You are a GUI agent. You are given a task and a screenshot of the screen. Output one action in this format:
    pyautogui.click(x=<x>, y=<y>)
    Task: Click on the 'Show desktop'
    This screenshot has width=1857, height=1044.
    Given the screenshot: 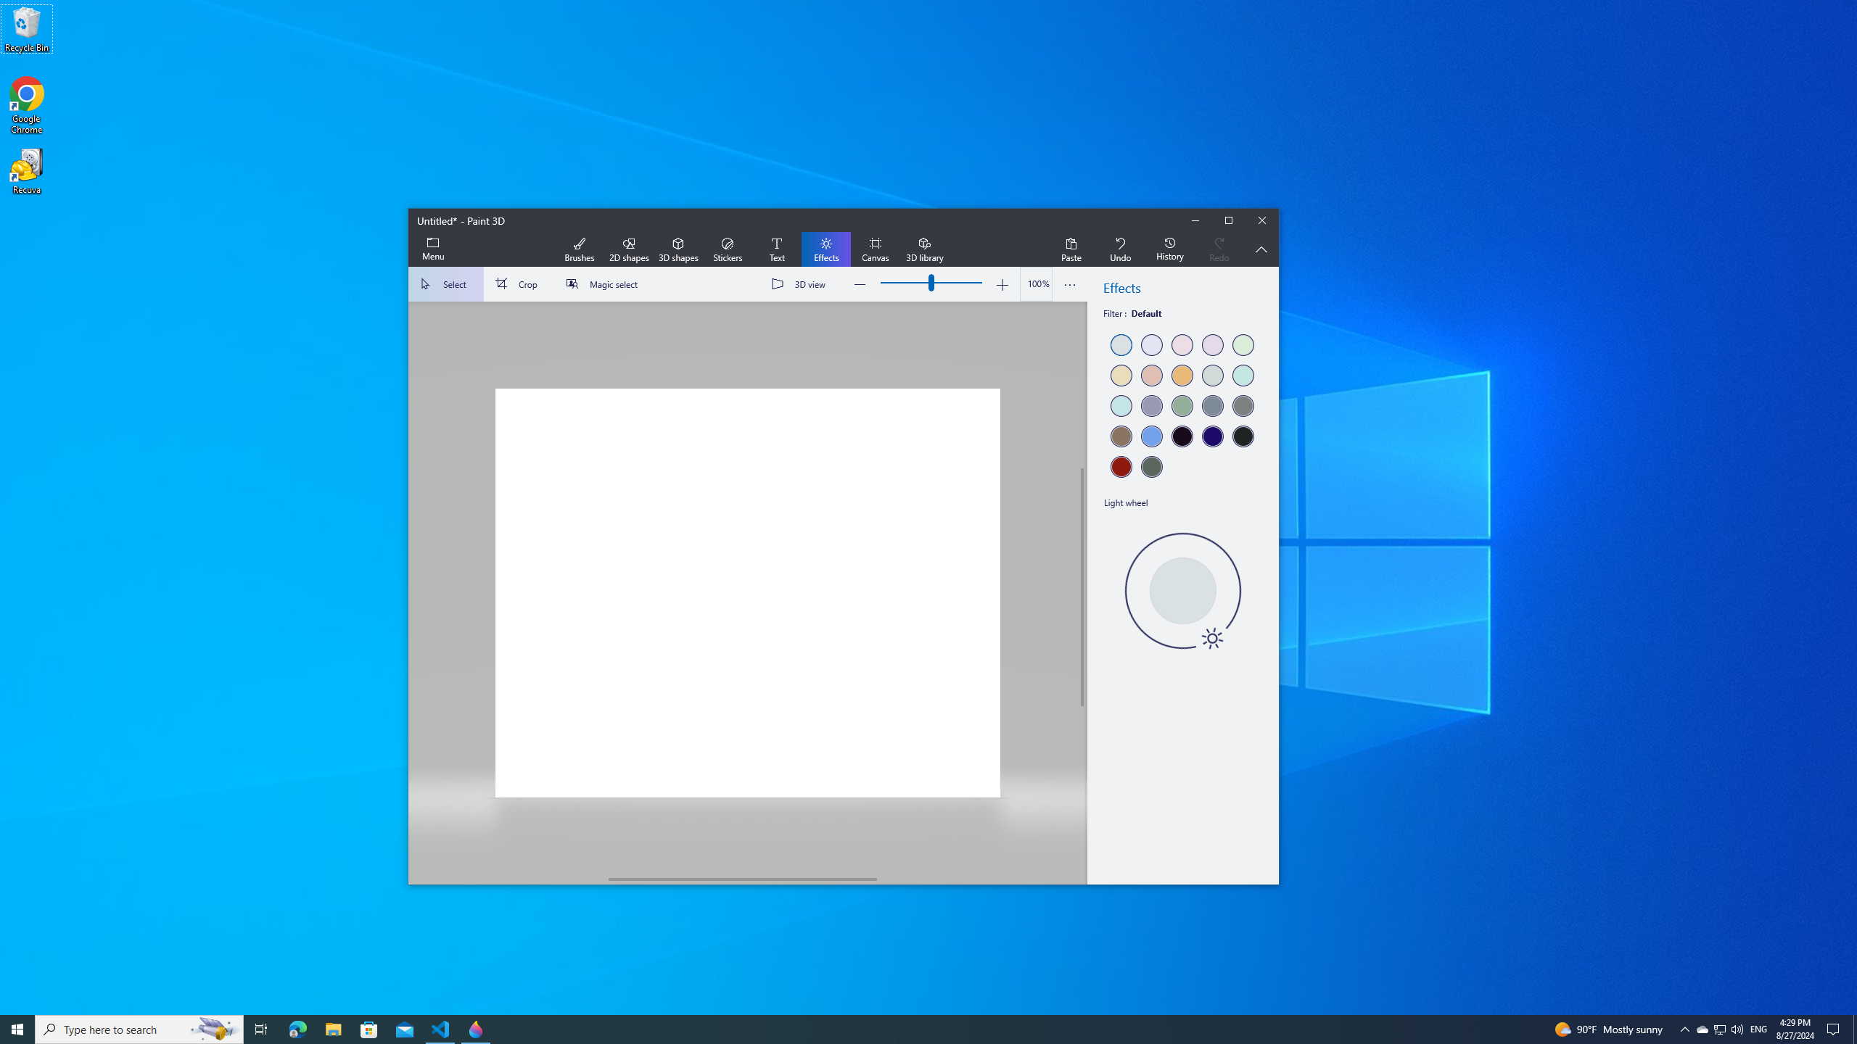 What is the action you would take?
    pyautogui.click(x=1854, y=1028)
    